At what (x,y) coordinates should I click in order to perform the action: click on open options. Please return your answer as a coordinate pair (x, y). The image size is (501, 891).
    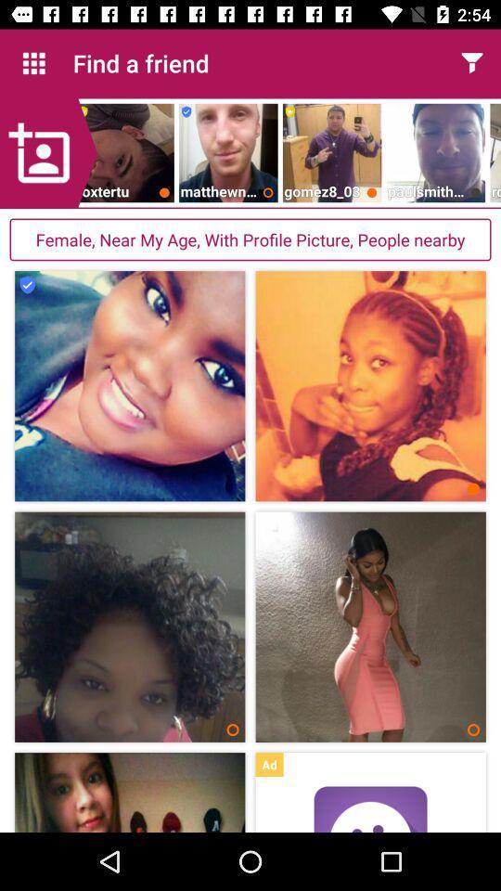
    Looking at the image, I should click on (471, 63).